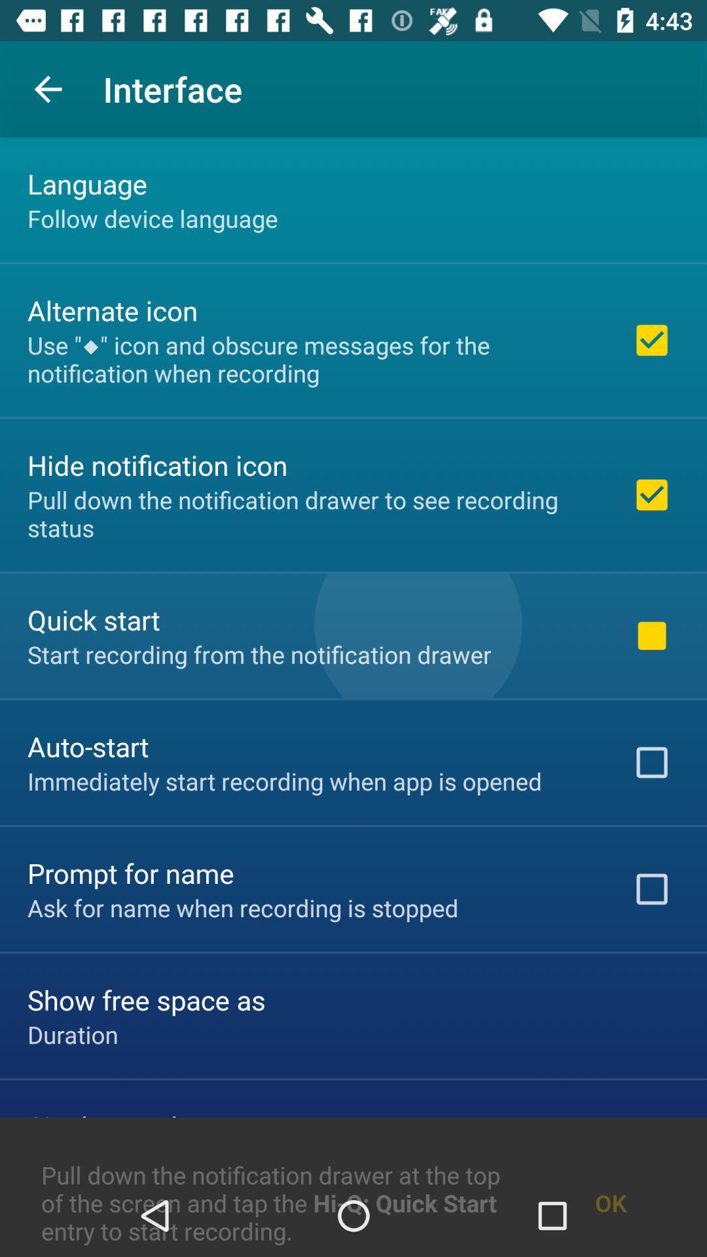 This screenshot has width=707, height=1257. Describe the element at coordinates (47, 88) in the screenshot. I see `the icon next to interface app` at that location.